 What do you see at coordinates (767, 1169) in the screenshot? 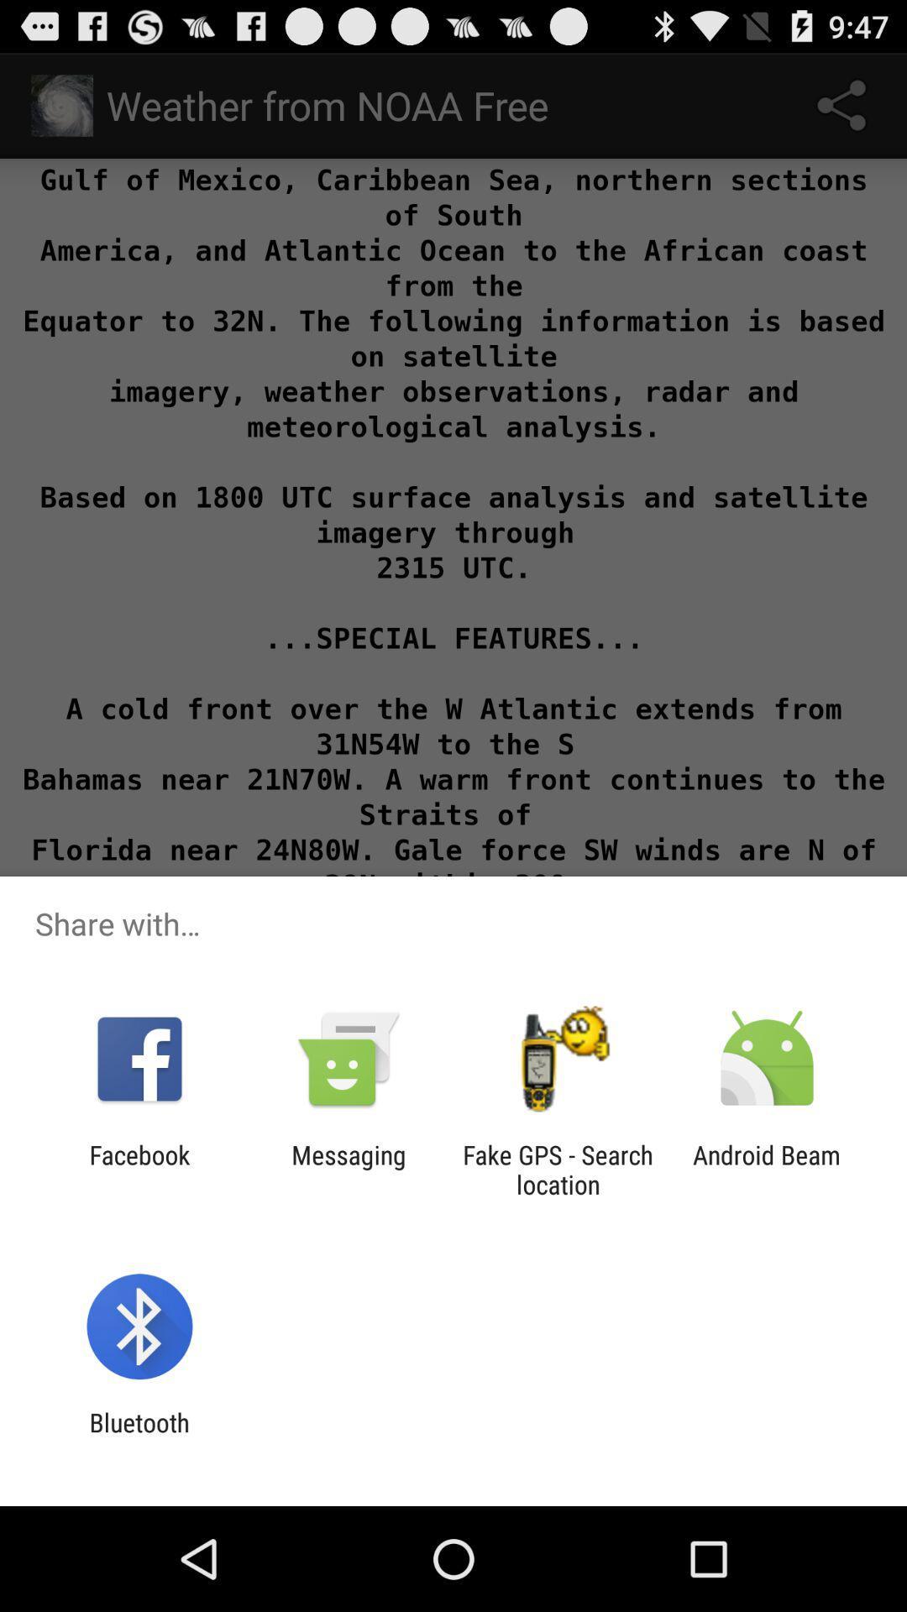
I see `the android beam` at bounding box center [767, 1169].